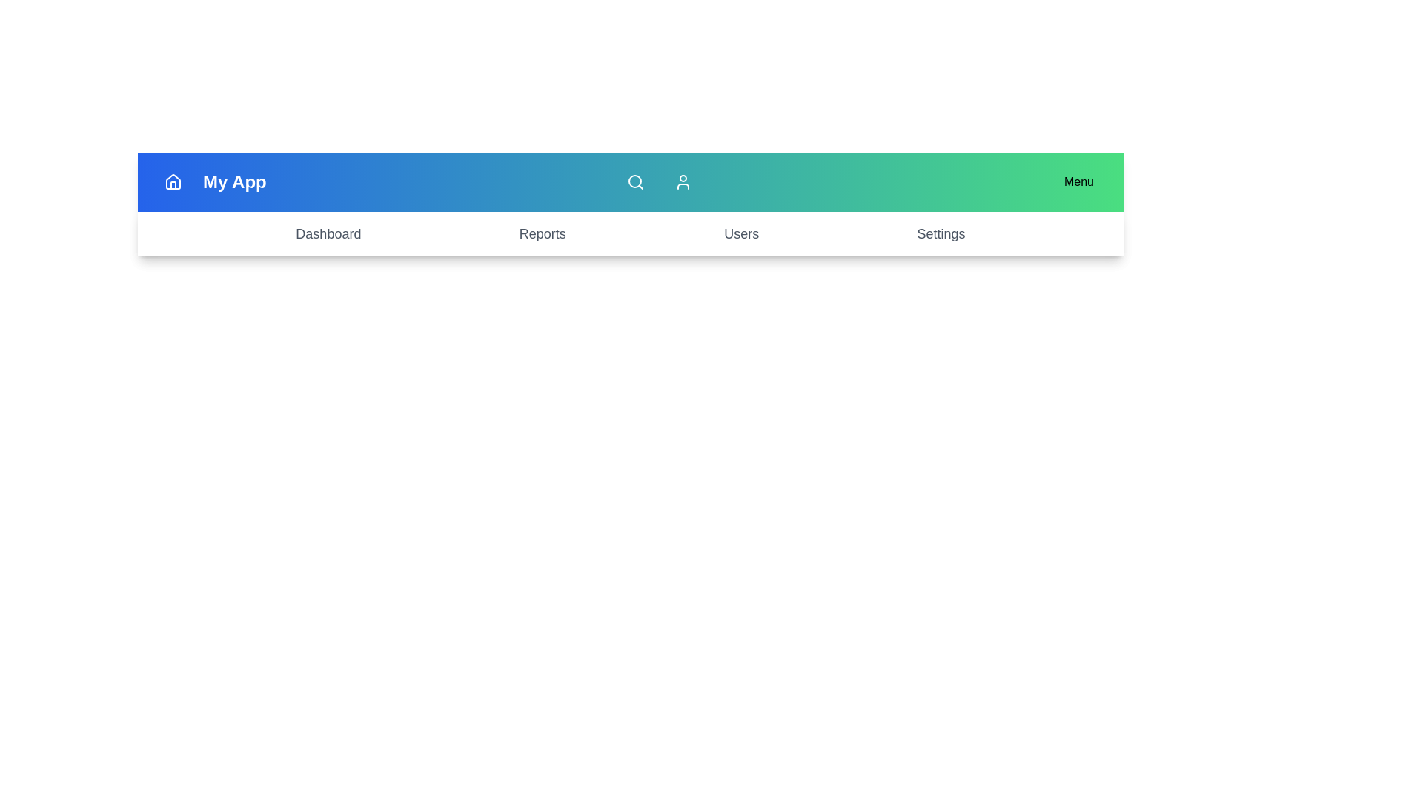 The width and height of the screenshot is (1423, 800). Describe the element at coordinates (327, 233) in the screenshot. I see `the menu item Dashboard from the navigation bar` at that location.